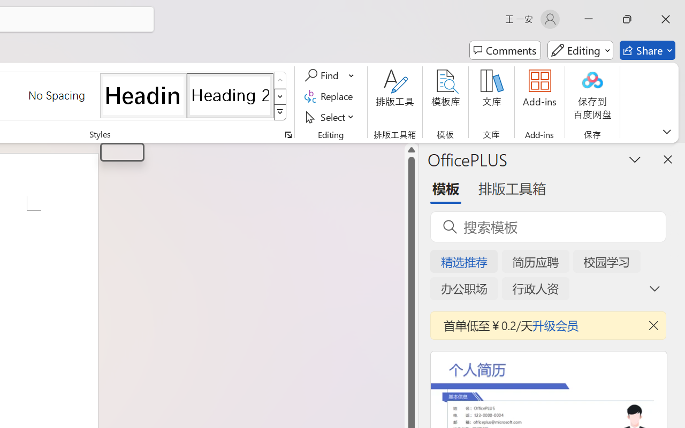 The height and width of the screenshot is (428, 685). What do you see at coordinates (330, 96) in the screenshot?
I see `'Replace...'` at bounding box center [330, 96].